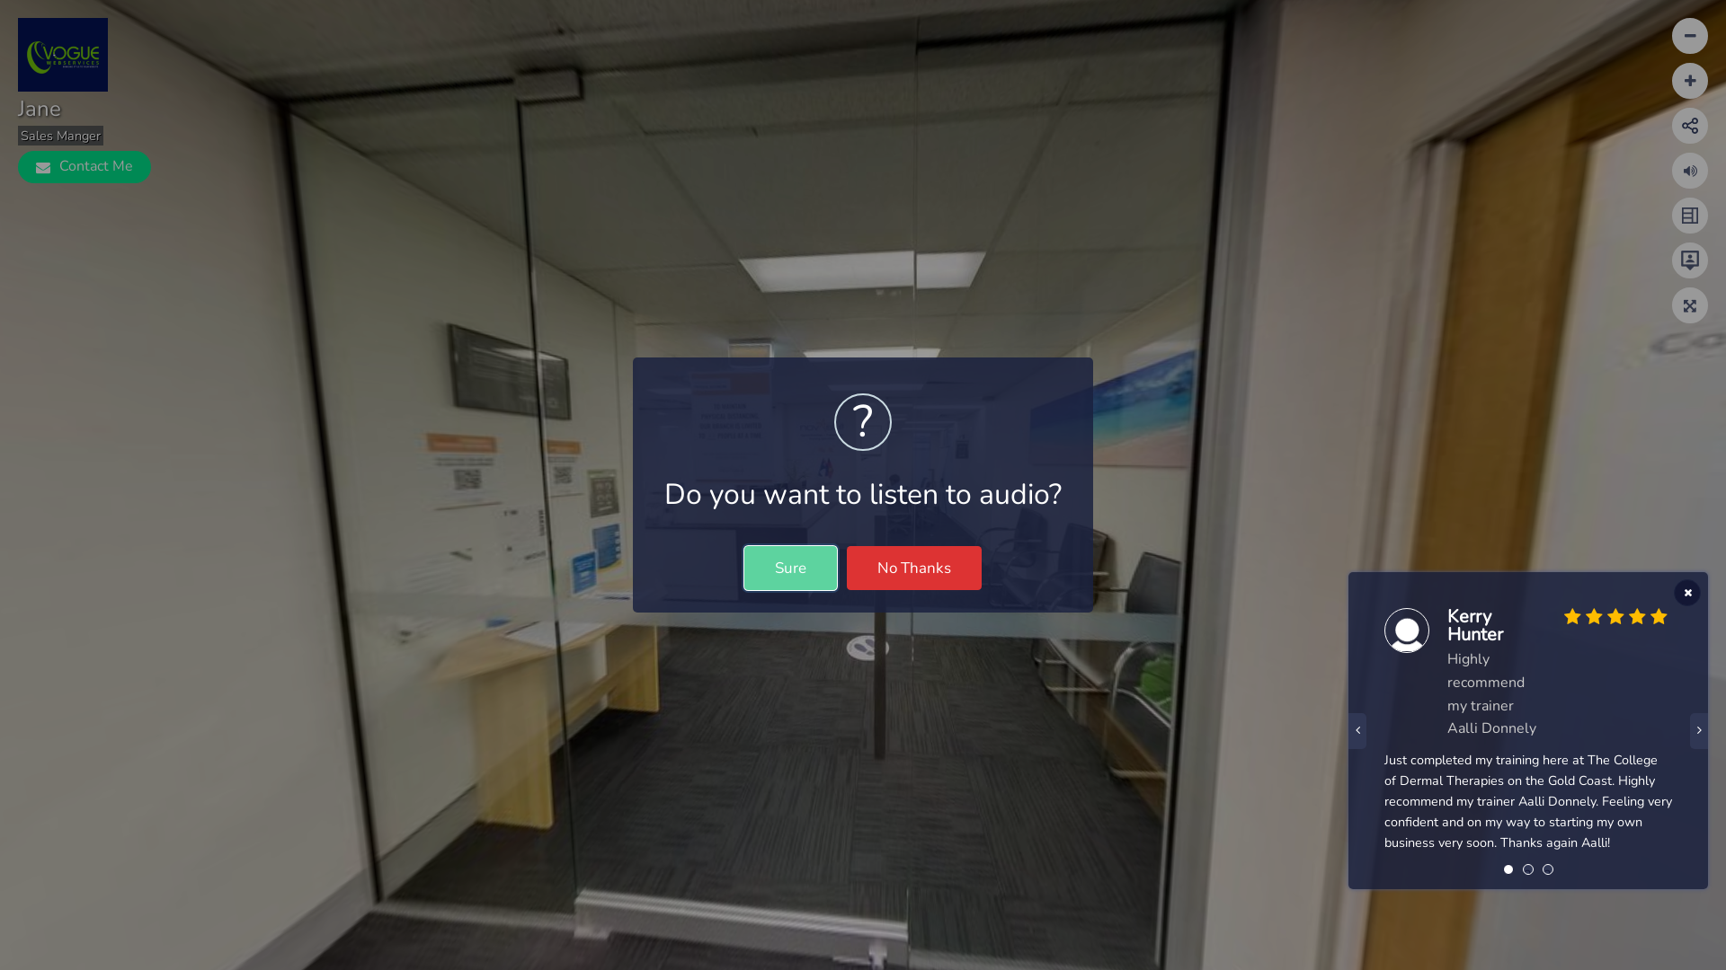 This screenshot has width=1726, height=970. What do you see at coordinates (1689, 304) in the screenshot?
I see `'Full Screen'` at bounding box center [1689, 304].